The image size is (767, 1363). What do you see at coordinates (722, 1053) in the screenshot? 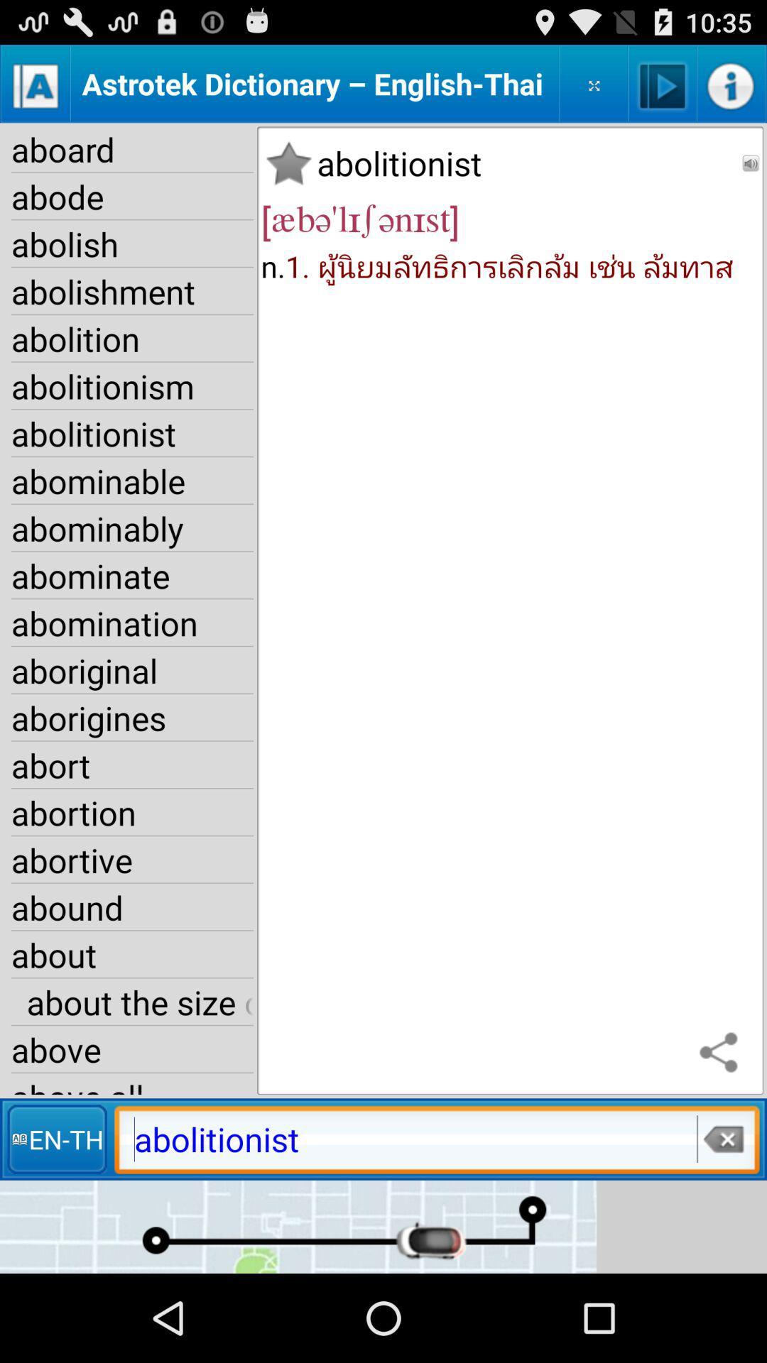
I see `icon next to the about the size` at bounding box center [722, 1053].